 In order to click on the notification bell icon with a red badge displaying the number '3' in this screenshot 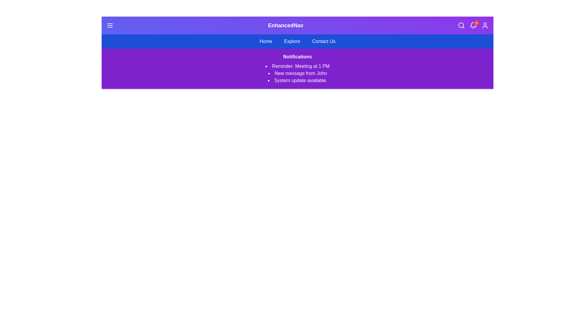, I will do `click(473, 25)`.